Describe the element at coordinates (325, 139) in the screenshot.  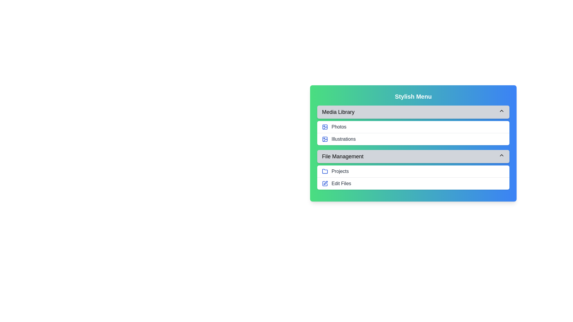
I see `the blue icon element resembling an image with a frame and a small circle, located next to the label 'Illustrations'` at that location.